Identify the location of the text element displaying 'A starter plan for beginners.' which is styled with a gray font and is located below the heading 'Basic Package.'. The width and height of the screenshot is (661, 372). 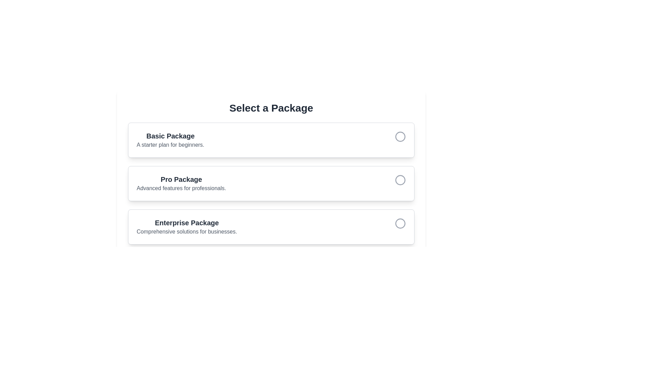
(170, 144).